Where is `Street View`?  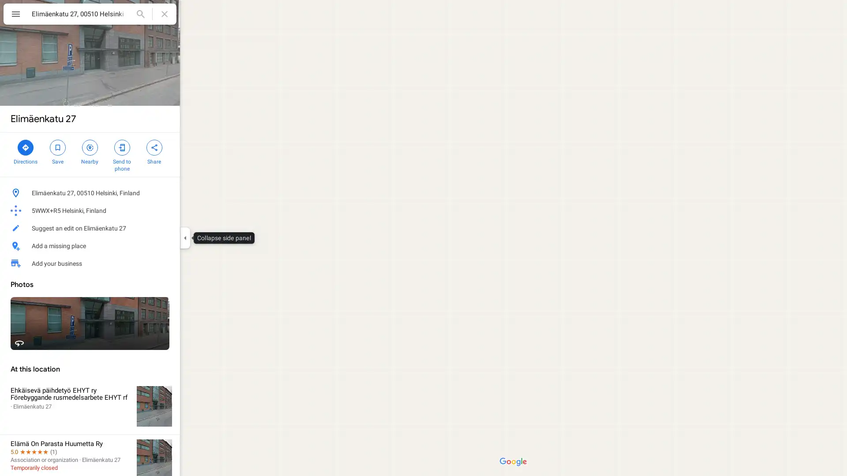 Street View is located at coordinates (90, 323).